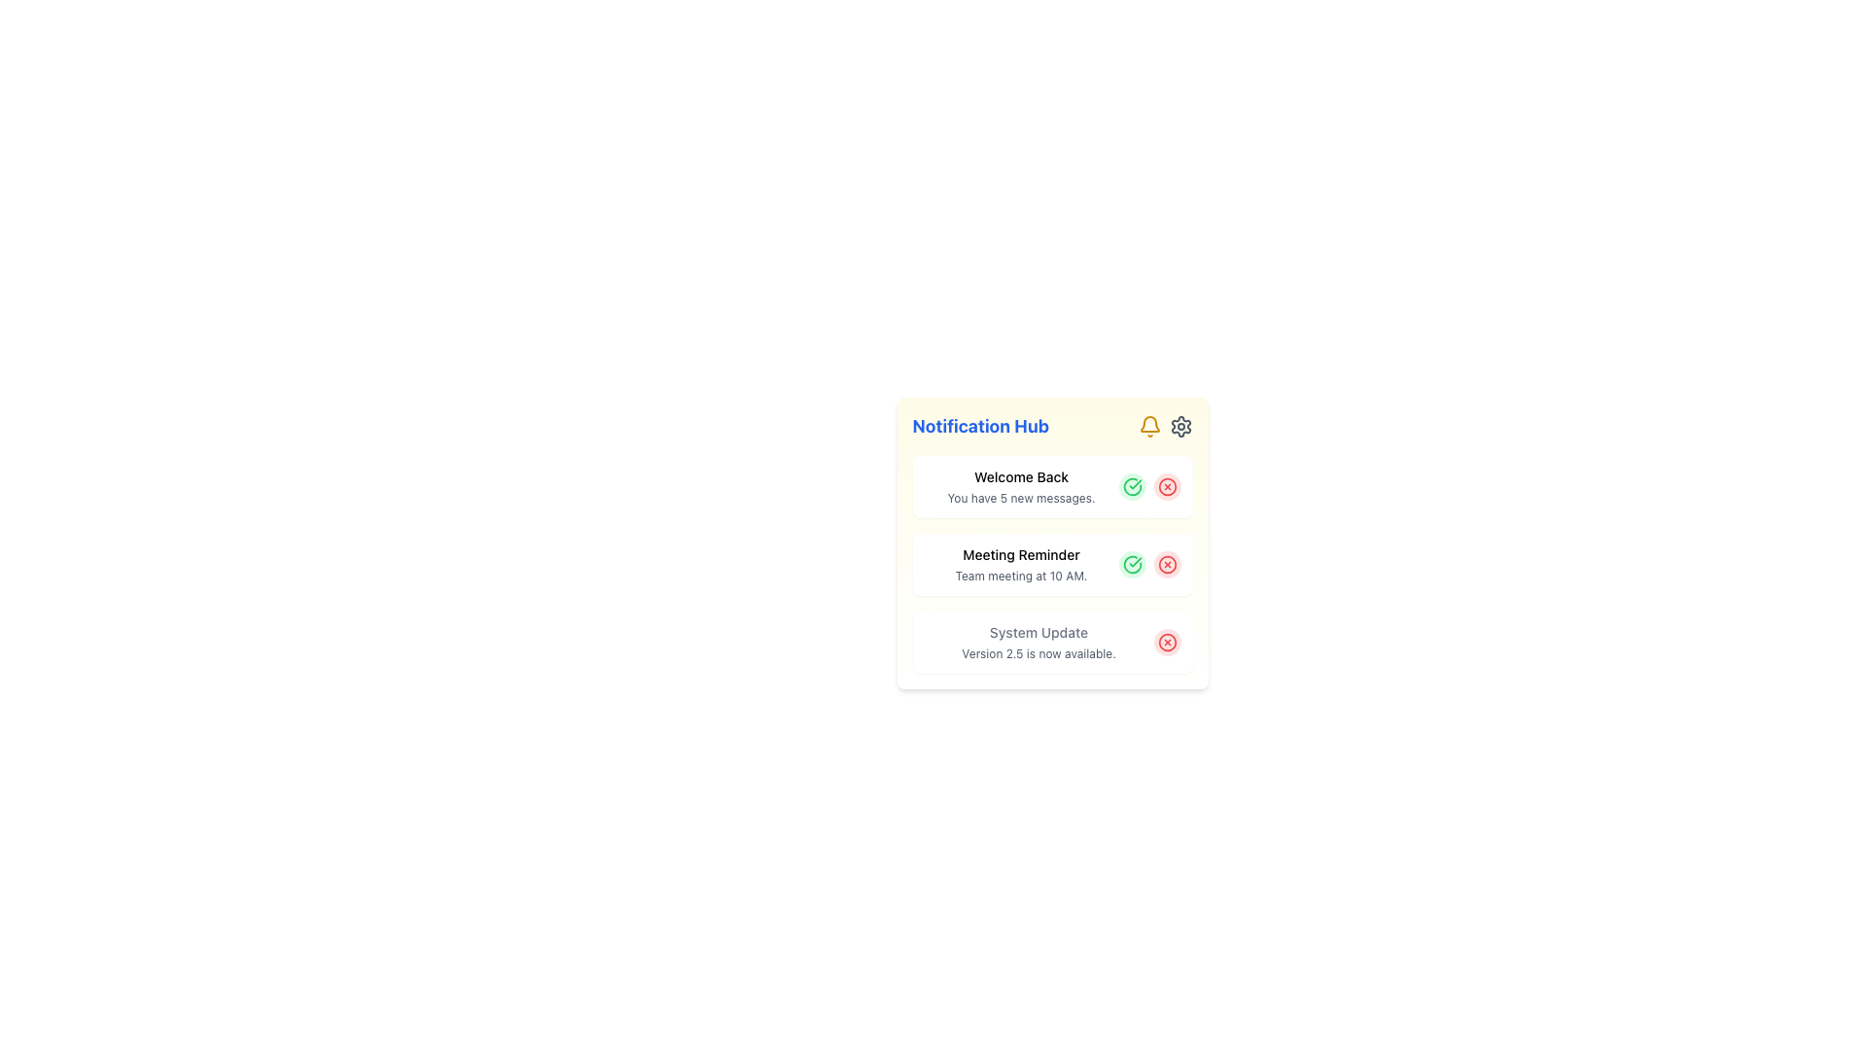 This screenshot has height=1050, width=1867. I want to click on the middle notification card in the Notification Hub, which features a gradient background from yellow to white and contains stacked entries with titles, subtexts, and icons, so click(1051, 565).